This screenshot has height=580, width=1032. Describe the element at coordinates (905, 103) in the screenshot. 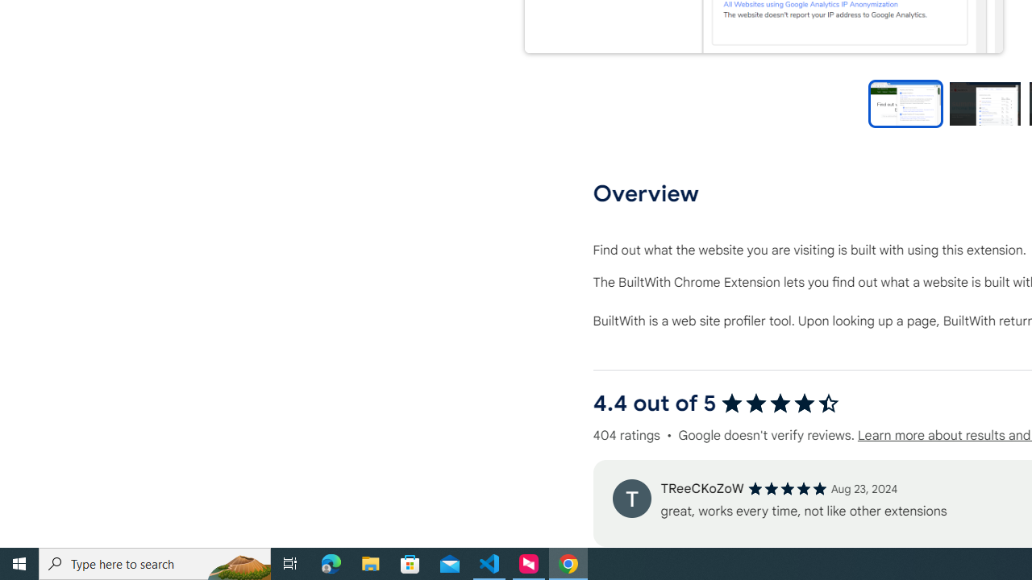

I see `'Preview slide 1'` at that location.